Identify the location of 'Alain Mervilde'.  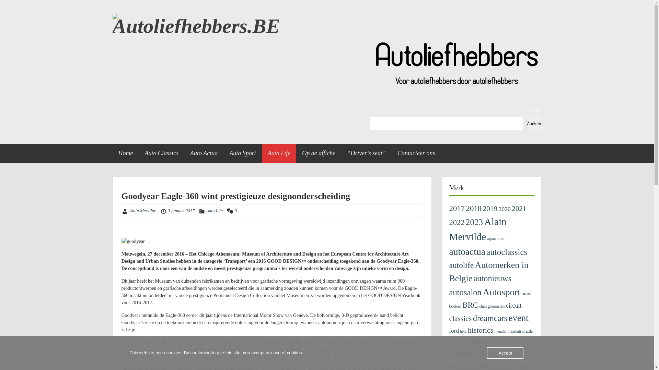
(142, 210).